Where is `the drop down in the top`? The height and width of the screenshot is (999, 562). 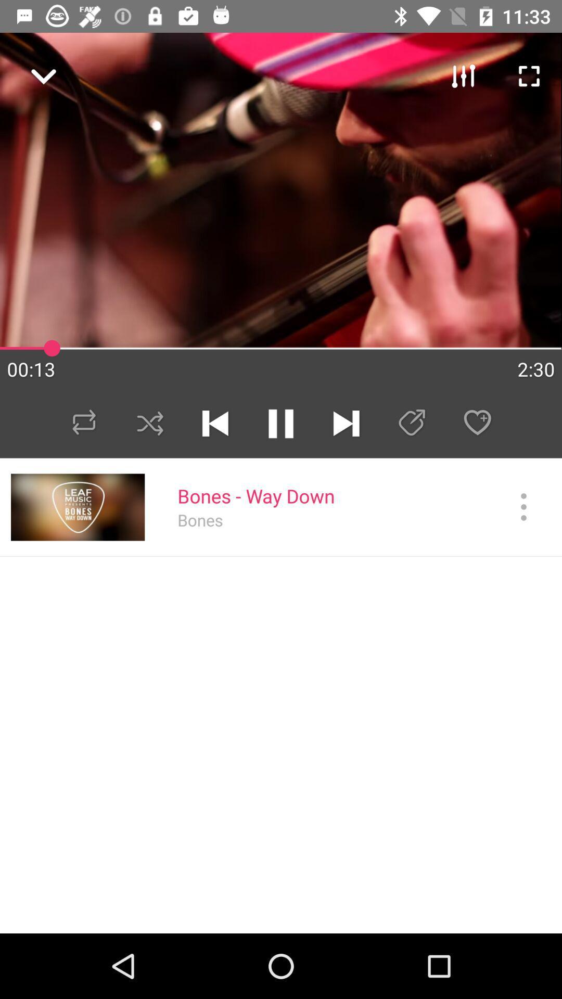
the drop down in the top is located at coordinates (37, 71).